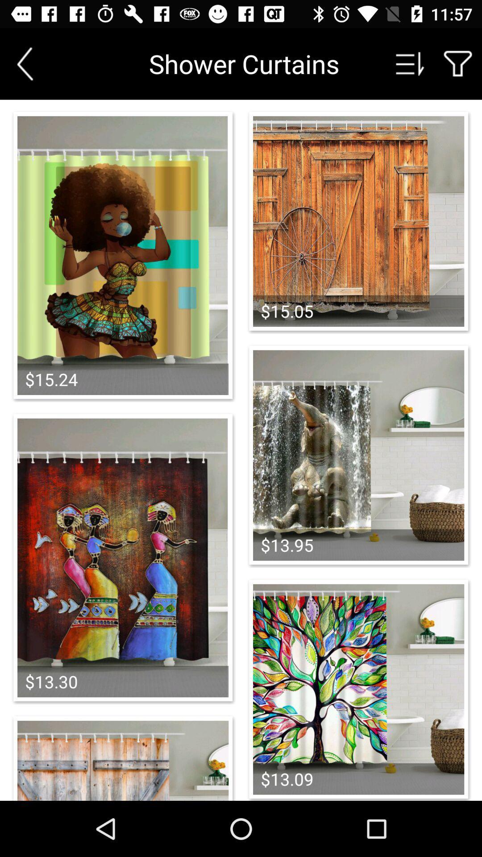 The height and width of the screenshot is (857, 482). I want to click on sort options, so click(410, 63).